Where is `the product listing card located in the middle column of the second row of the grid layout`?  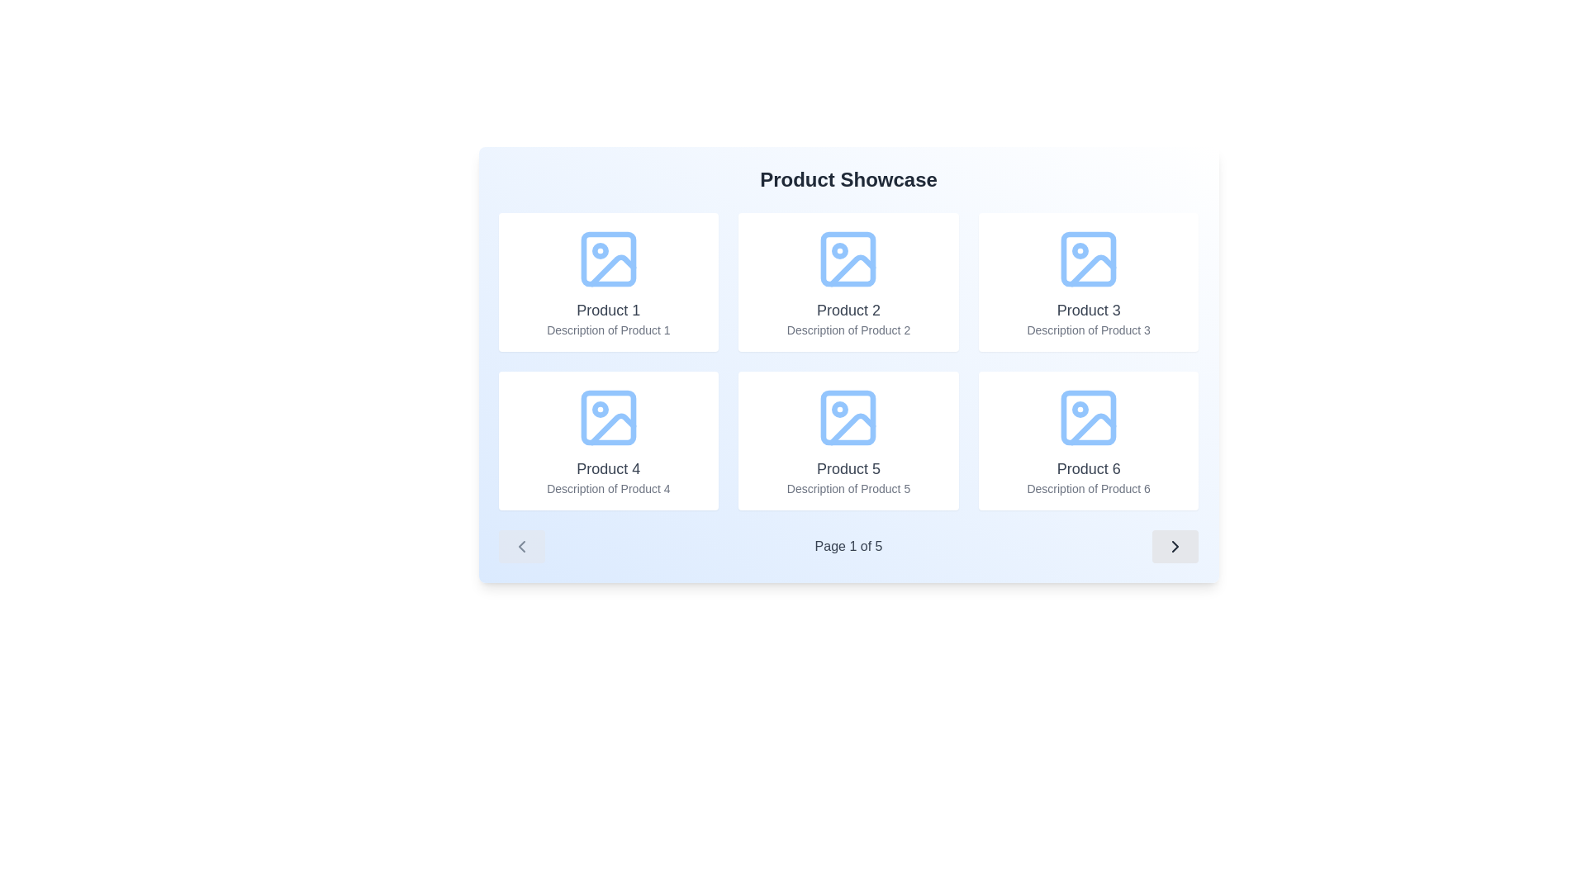 the product listing card located in the middle column of the second row of the grid layout is located at coordinates (848, 439).